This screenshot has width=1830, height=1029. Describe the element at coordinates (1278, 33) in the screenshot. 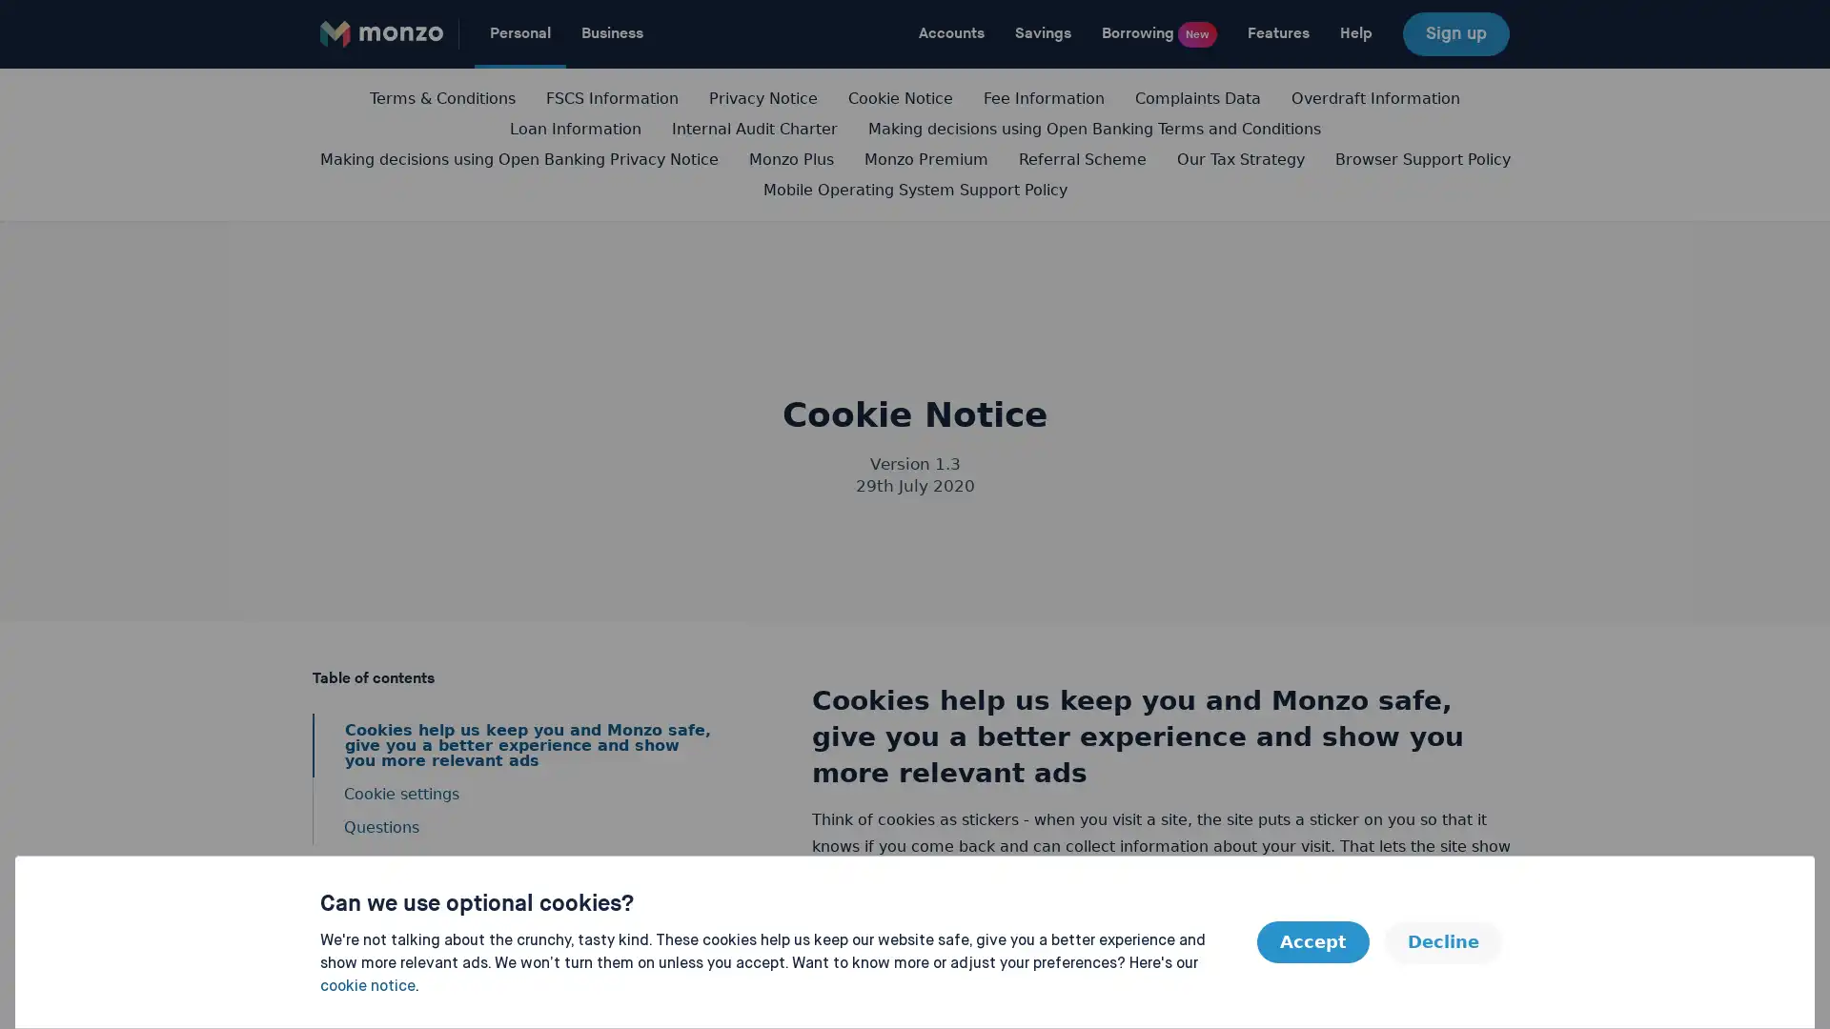

I see `Features` at that location.